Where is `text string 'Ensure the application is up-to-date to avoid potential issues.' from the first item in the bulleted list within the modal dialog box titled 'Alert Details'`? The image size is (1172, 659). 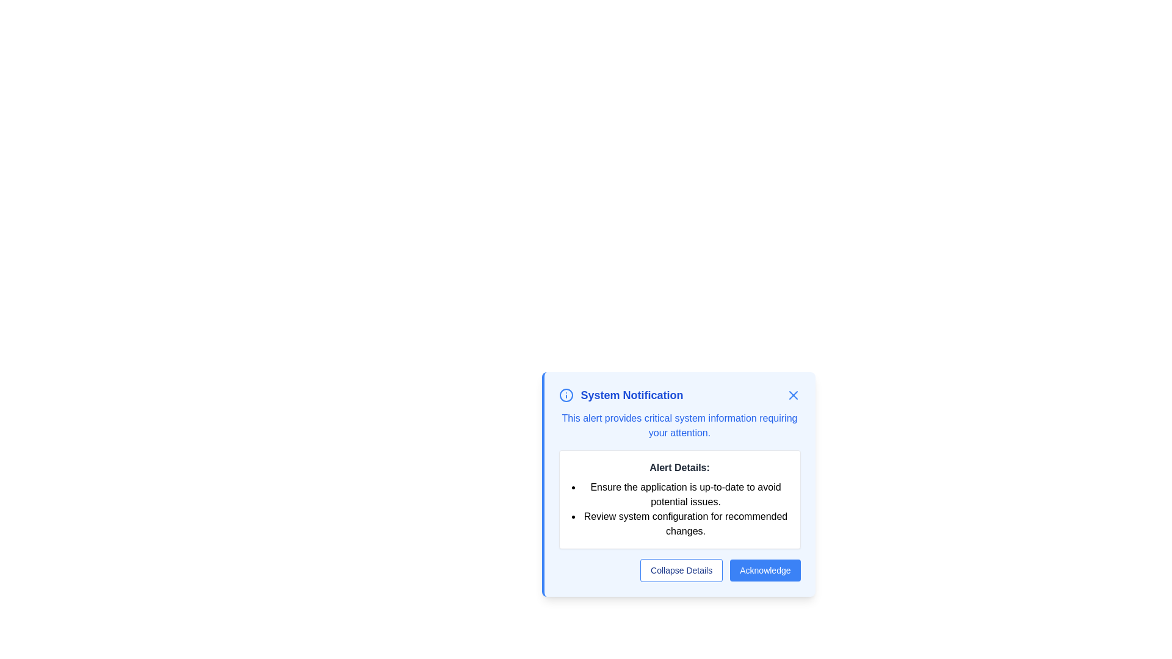 text string 'Ensure the application is up-to-date to avoid potential issues.' from the first item in the bulleted list within the modal dialog box titled 'Alert Details' is located at coordinates (685, 494).